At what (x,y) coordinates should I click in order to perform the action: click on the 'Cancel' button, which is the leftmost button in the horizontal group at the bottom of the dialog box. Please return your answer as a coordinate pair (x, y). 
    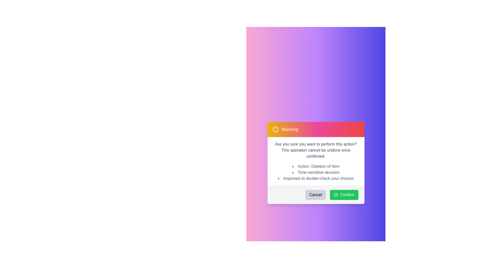
    Looking at the image, I should click on (315, 195).